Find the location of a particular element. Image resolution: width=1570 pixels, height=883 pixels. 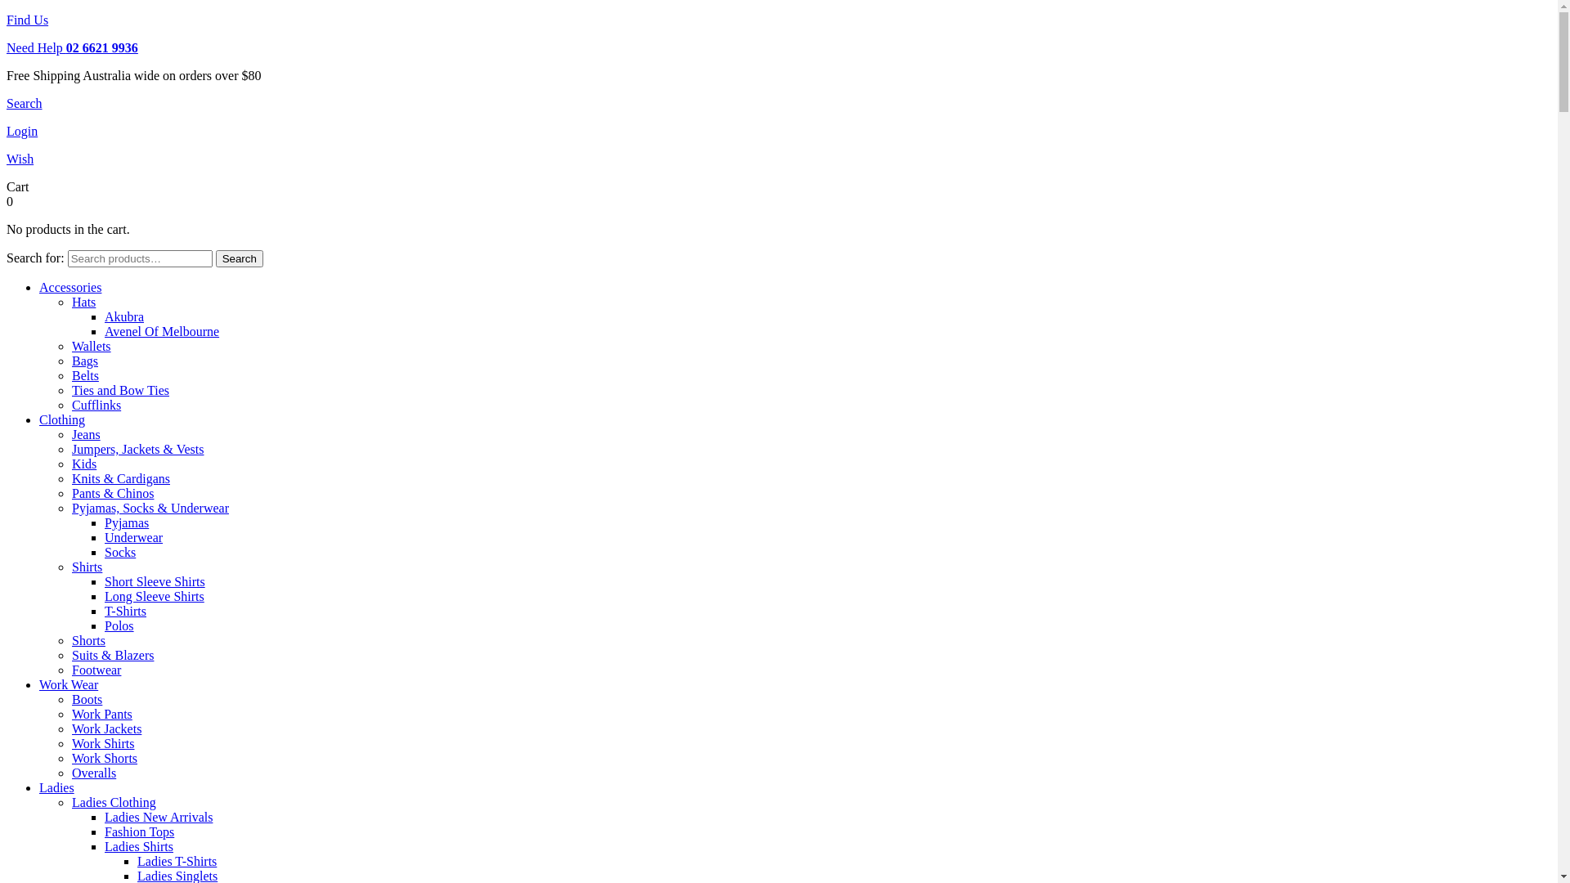

'Work Jackets' is located at coordinates (105, 728).